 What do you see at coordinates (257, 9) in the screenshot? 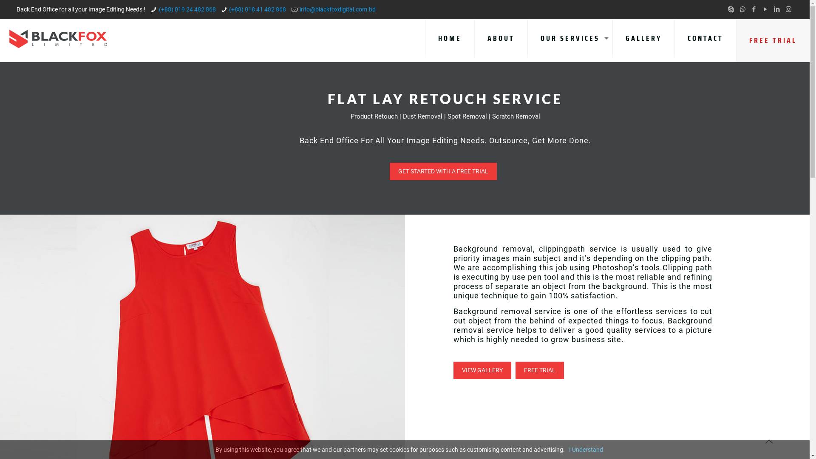
I see `'(+88) 018 41 482 868'` at bounding box center [257, 9].